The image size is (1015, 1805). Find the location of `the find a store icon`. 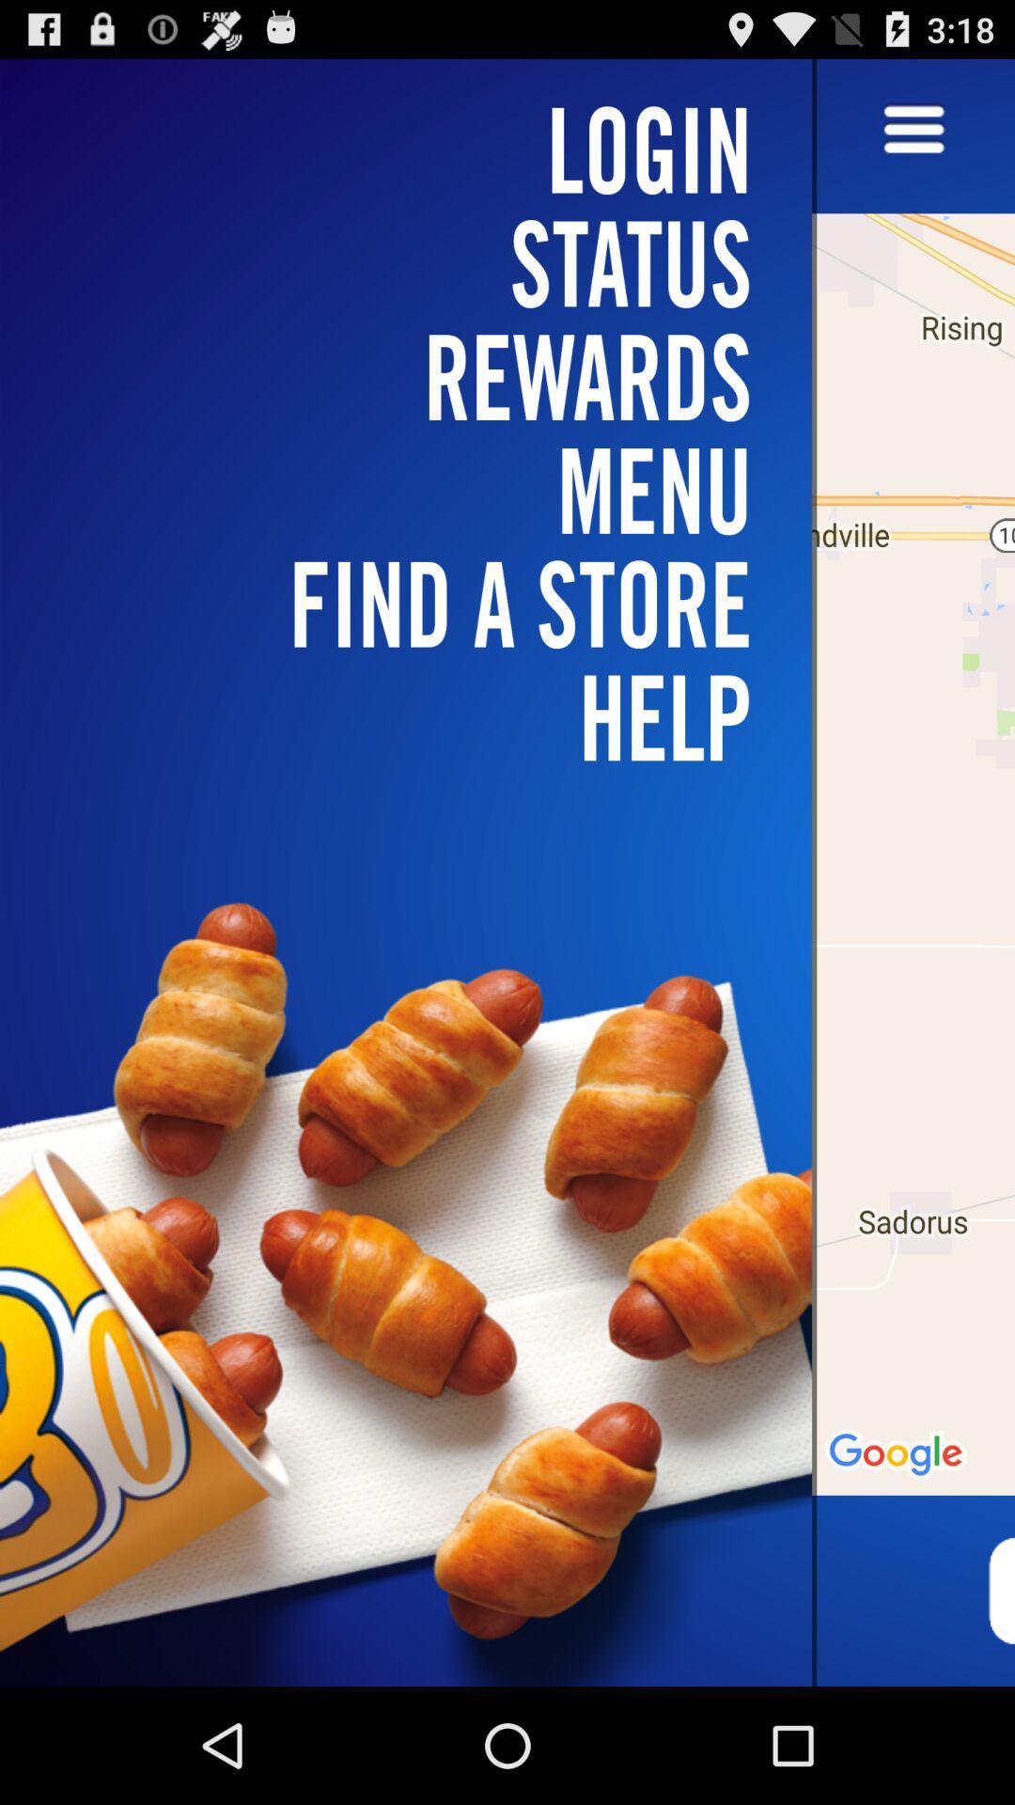

the find a store icon is located at coordinates (416, 604).